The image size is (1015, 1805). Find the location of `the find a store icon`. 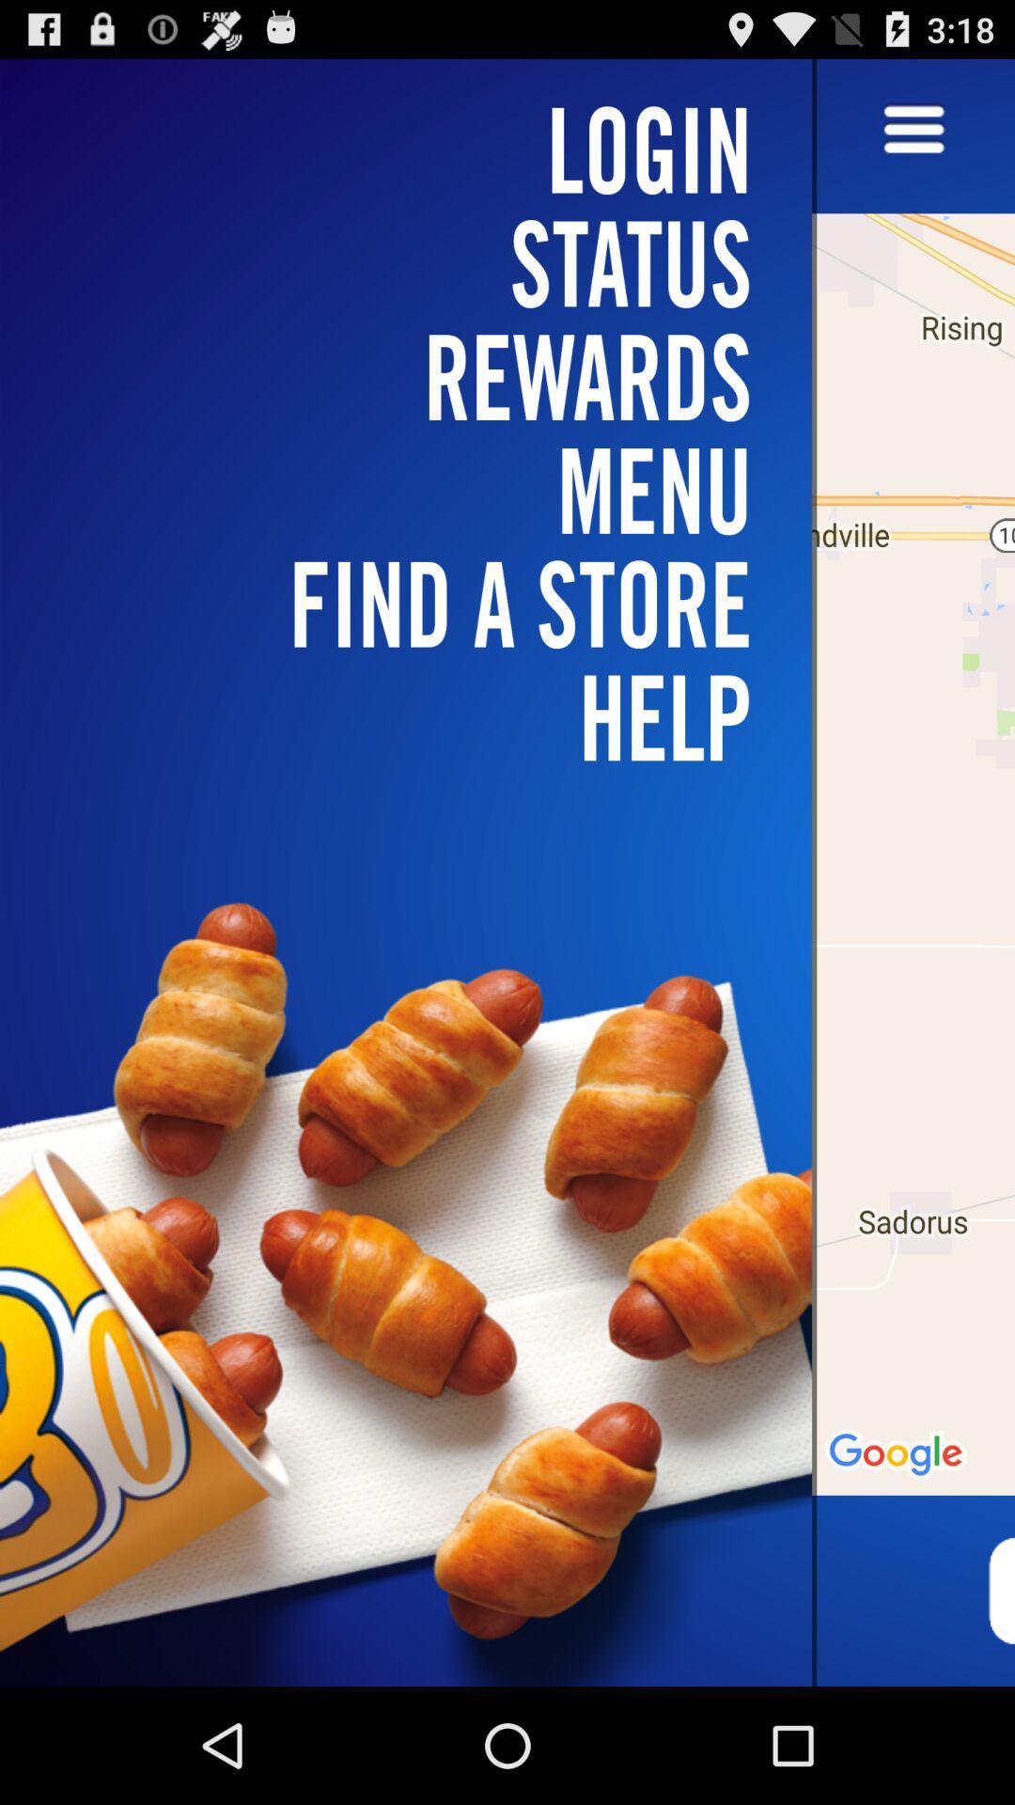

the find a store icon is located at coordinates (416, 604).